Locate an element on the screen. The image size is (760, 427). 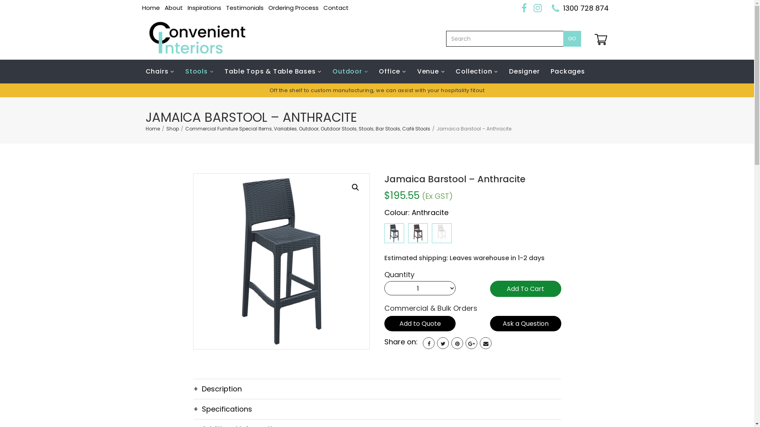
'Inspirations' is located at coordinates (204, 8).